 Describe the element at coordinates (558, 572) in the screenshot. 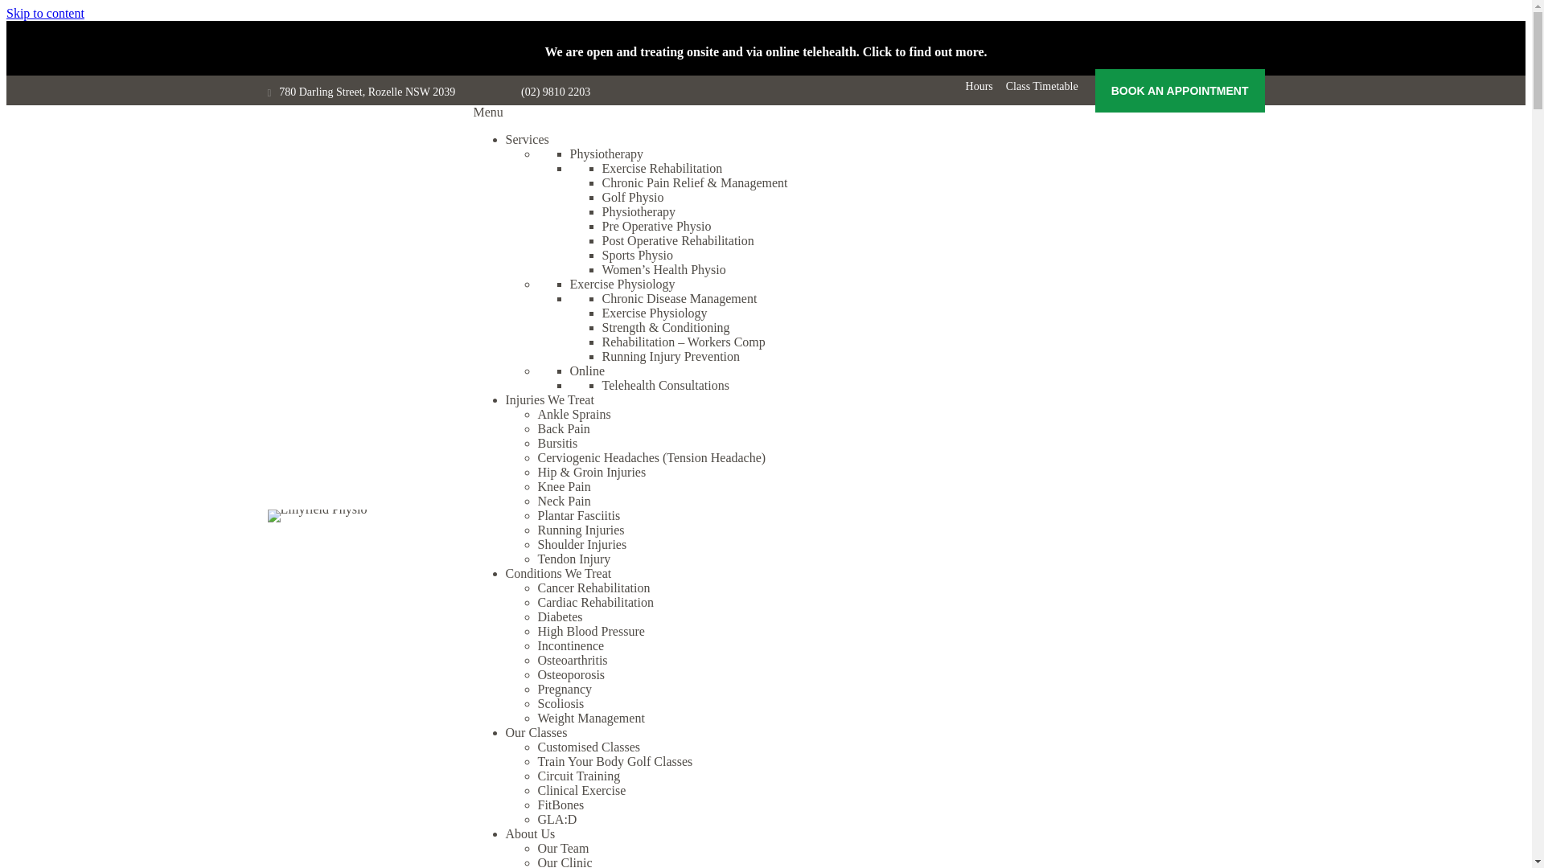

I see `'Conditions We Treat'` at that location.